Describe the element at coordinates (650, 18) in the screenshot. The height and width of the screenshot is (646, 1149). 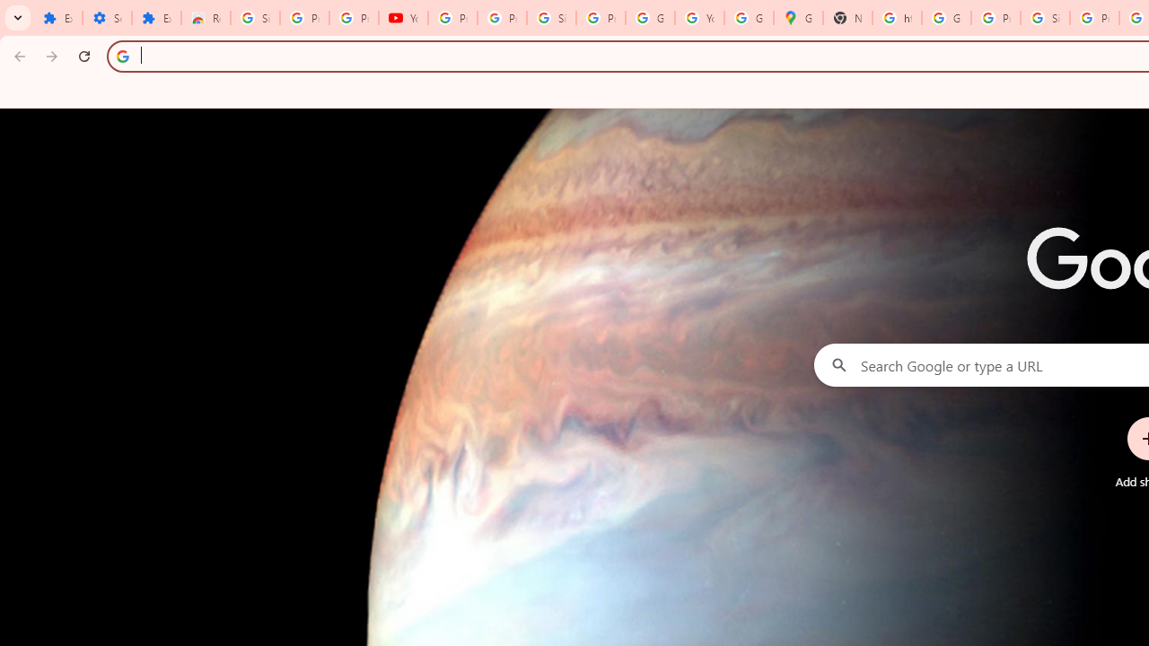
I see `'Google Account'` at that location.